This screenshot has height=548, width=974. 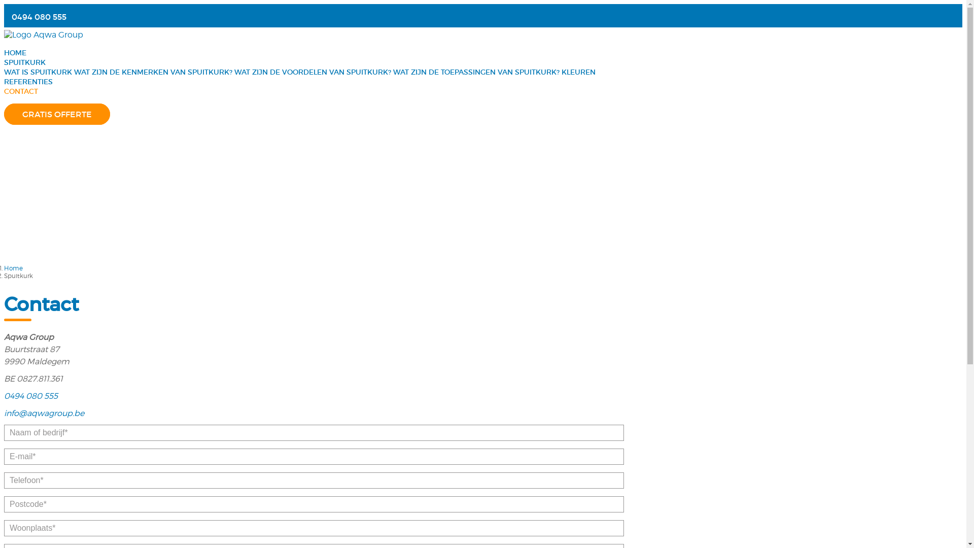 What do you see at coordinates (314, 528) in the screenshot?
I see `'Tik uw woonplaats in aub.'` at bounding box center [314, 528].